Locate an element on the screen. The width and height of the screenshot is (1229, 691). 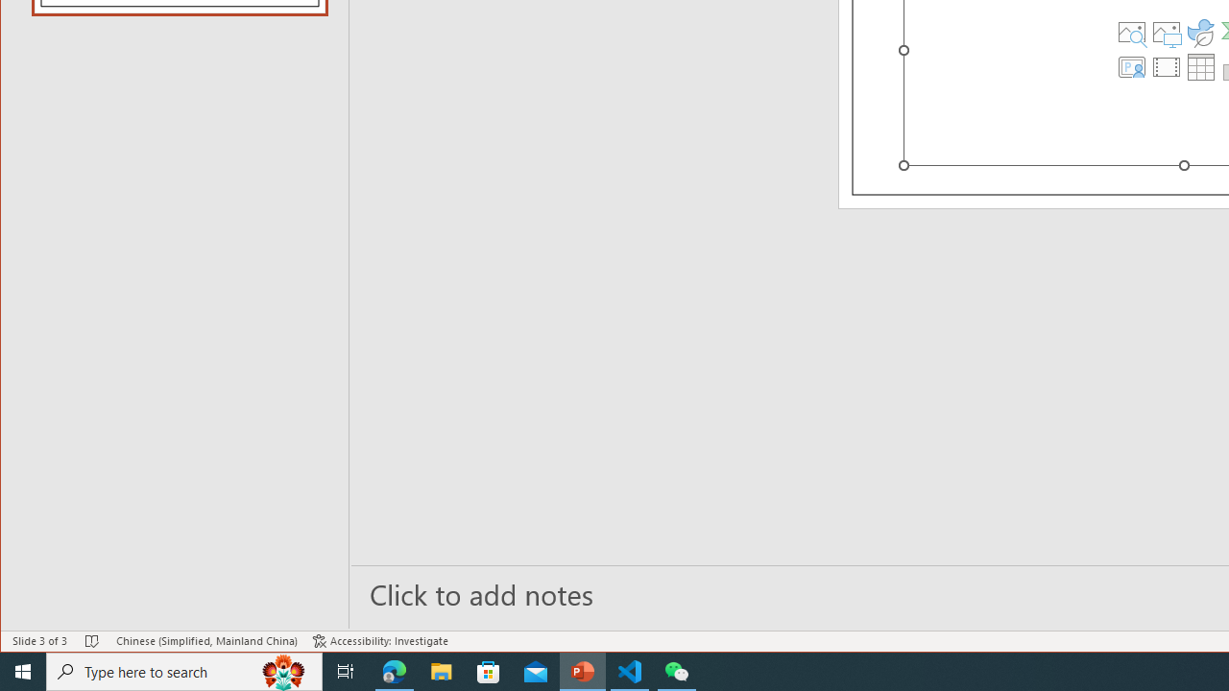
'Pictures' is located at coordinates (1166, 32).